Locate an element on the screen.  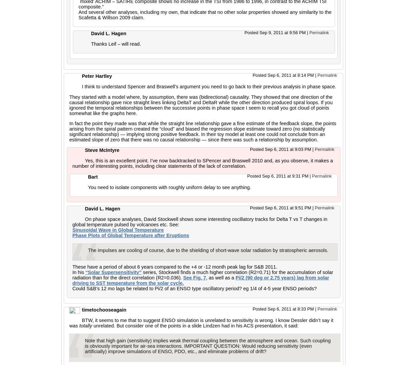
'See Fig. 7,' is located at coordinates (195, 277).